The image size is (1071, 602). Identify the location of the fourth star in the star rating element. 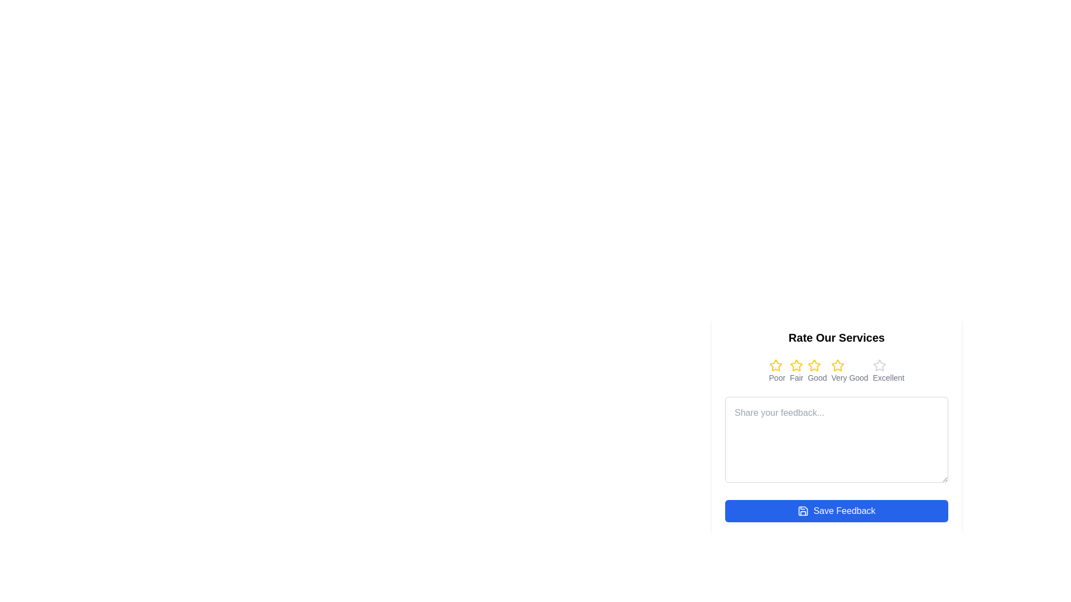
(838, 365).